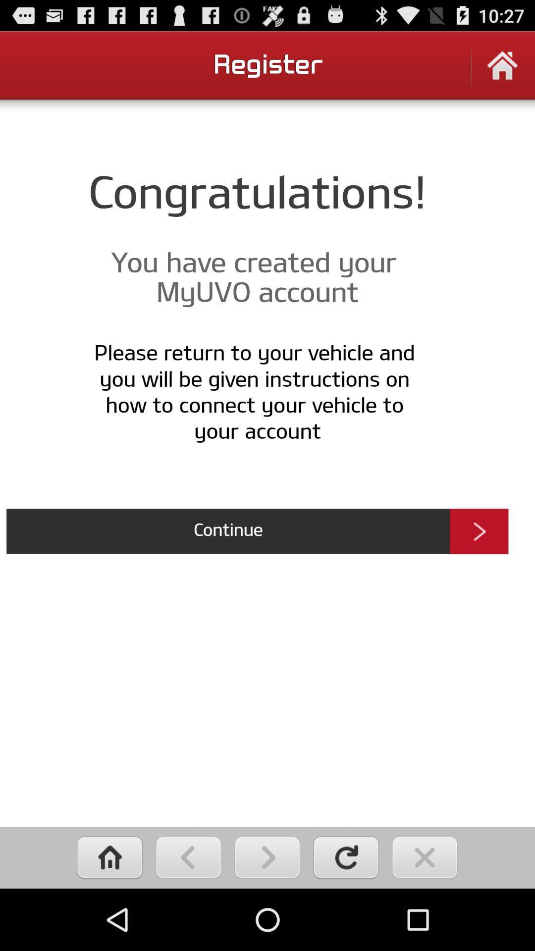 The width and height of the screenshot is (535, 951). What do you see at coordinates (502, 71) in the screenshot?
I see `home button` at bounding box center [502, 71].